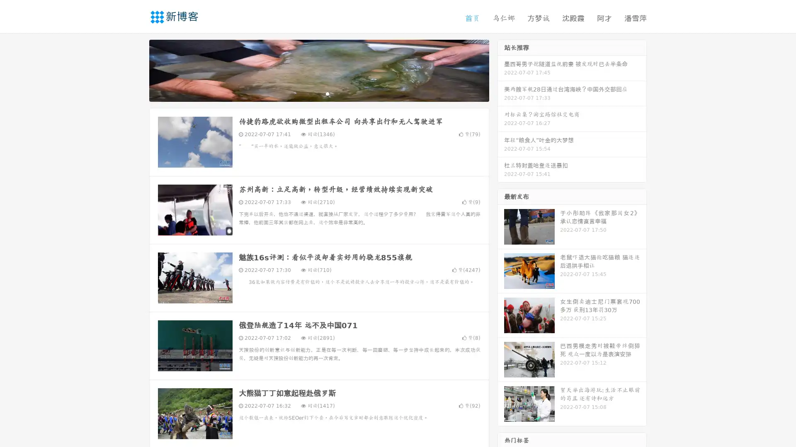 The width and height of the screenshot is (796, 447). Describe the element at coordinates (318, 93) in the screenshot. I see `Go to slide 2` at that location.